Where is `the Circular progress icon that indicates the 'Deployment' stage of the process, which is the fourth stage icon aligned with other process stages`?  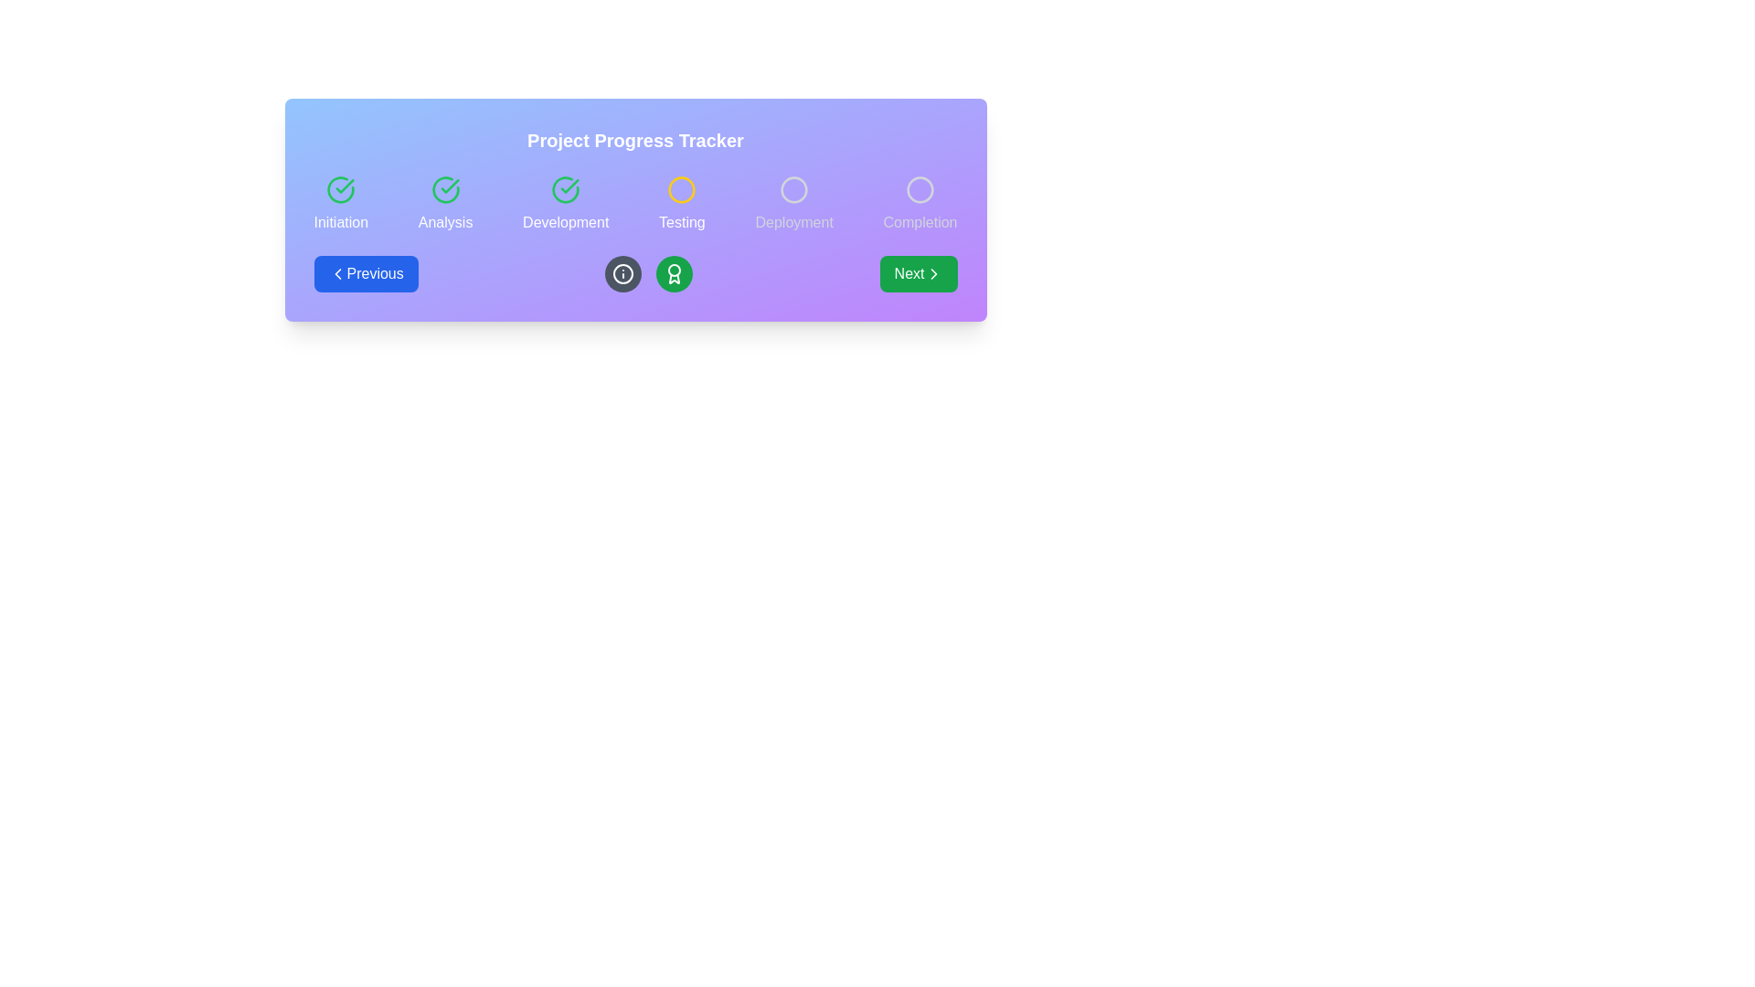
the Circular progress icon that indicates the 'Deployment' stage of the process, which is the fourth stage icon aligned with other process stages is located at coordinates (794, 190).